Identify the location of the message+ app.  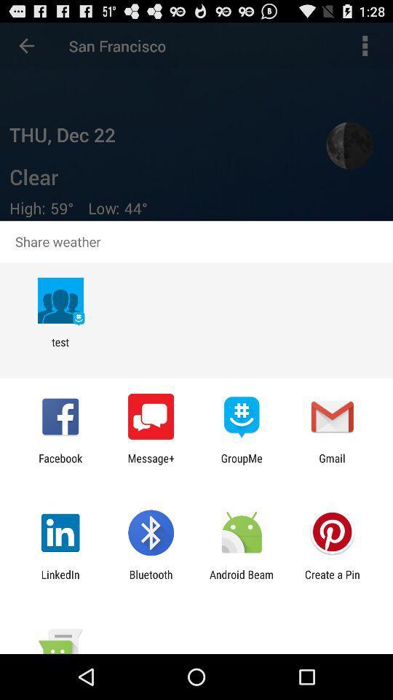
(150, 464).